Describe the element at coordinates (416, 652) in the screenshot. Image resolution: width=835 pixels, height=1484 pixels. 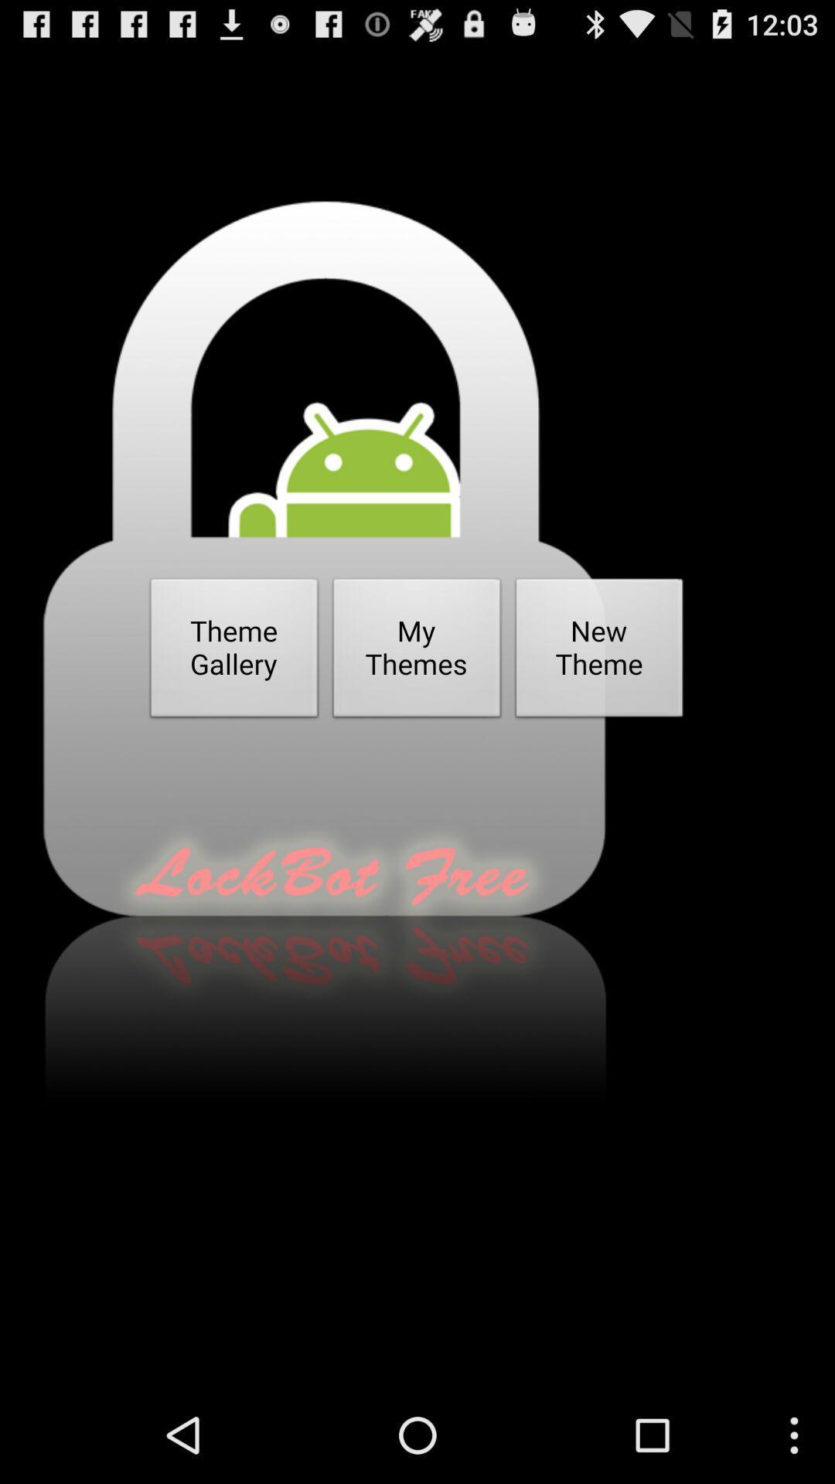
I see `the my themes` at that location.